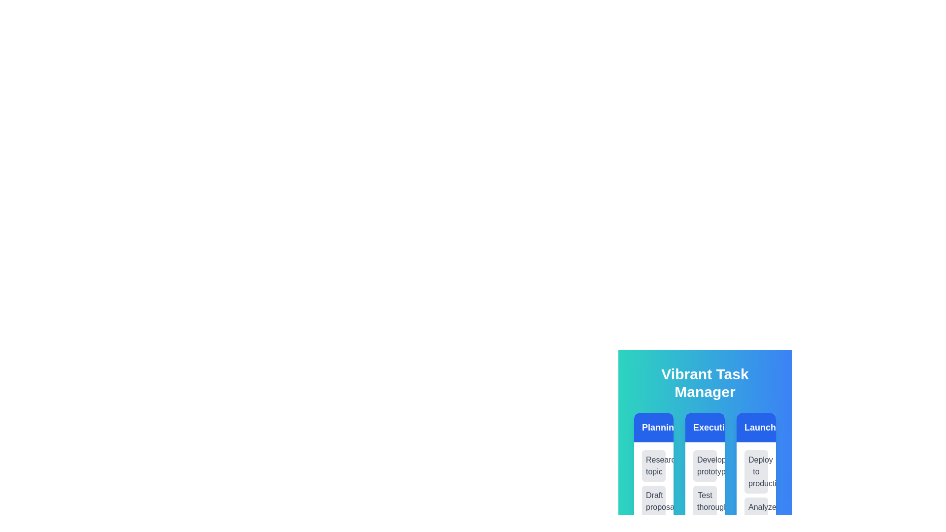 The width and height of the screenshot is (946, 532). Describe the element at coordinates (704, 427) in the screenshot. I see `the blue rectangular button labeled 'Execution' with white bold text, located in the 'Execution' section of the 'Vibrant Task Manager' layout` at that location.